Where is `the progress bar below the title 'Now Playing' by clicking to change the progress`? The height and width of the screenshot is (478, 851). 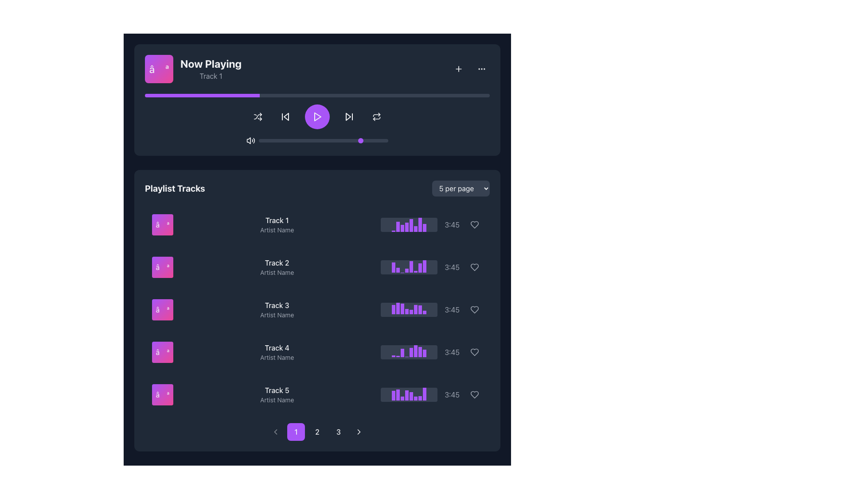 the progress bar below the title 'Now Playing' by clicking to change the progress is located at coordinates (317, 96).